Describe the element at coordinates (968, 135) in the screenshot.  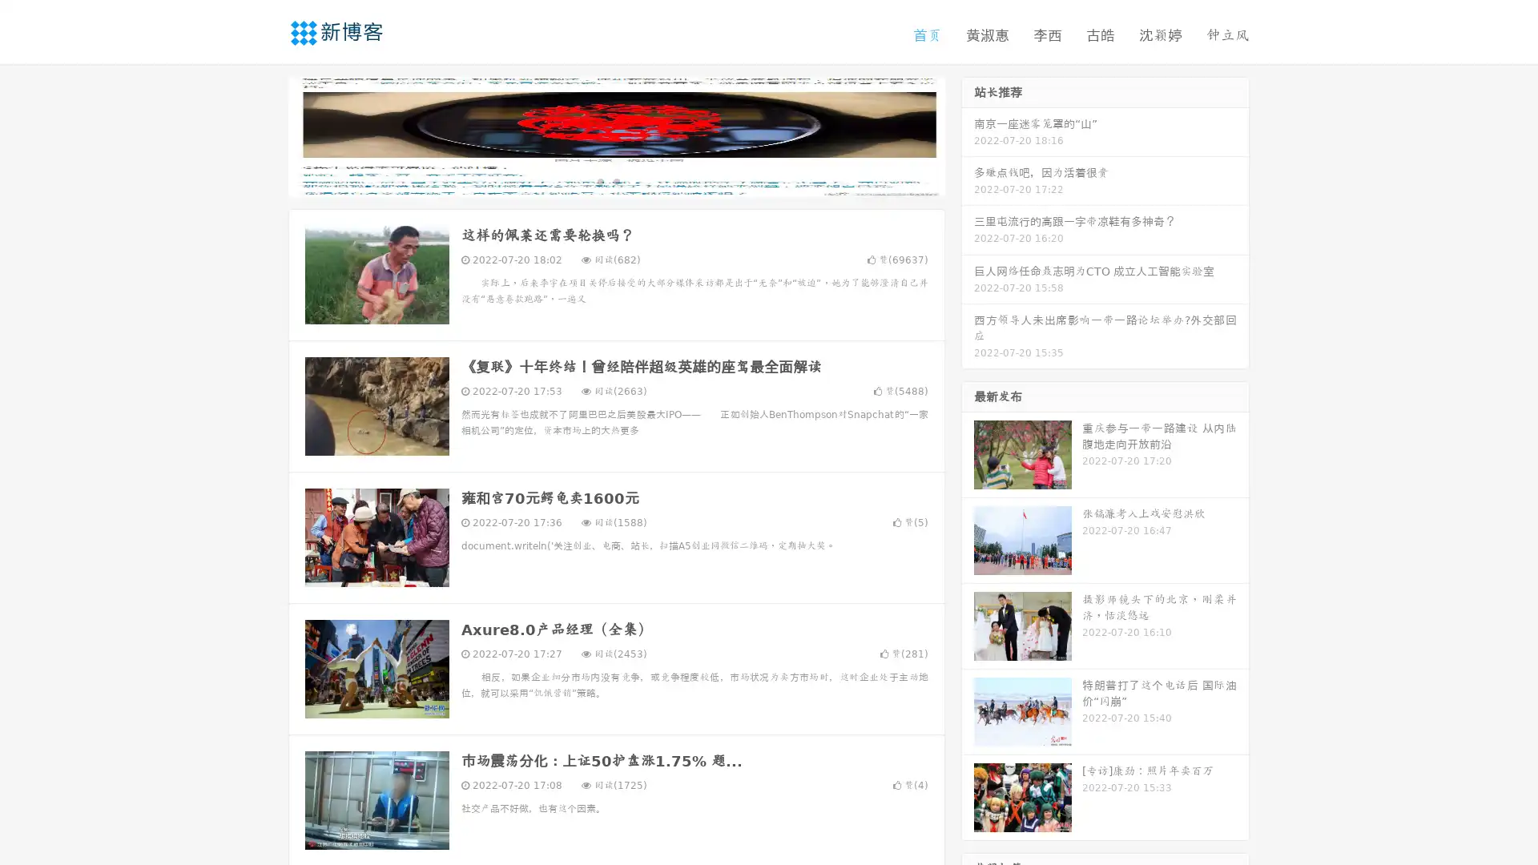
I see `Next slide` at that location.